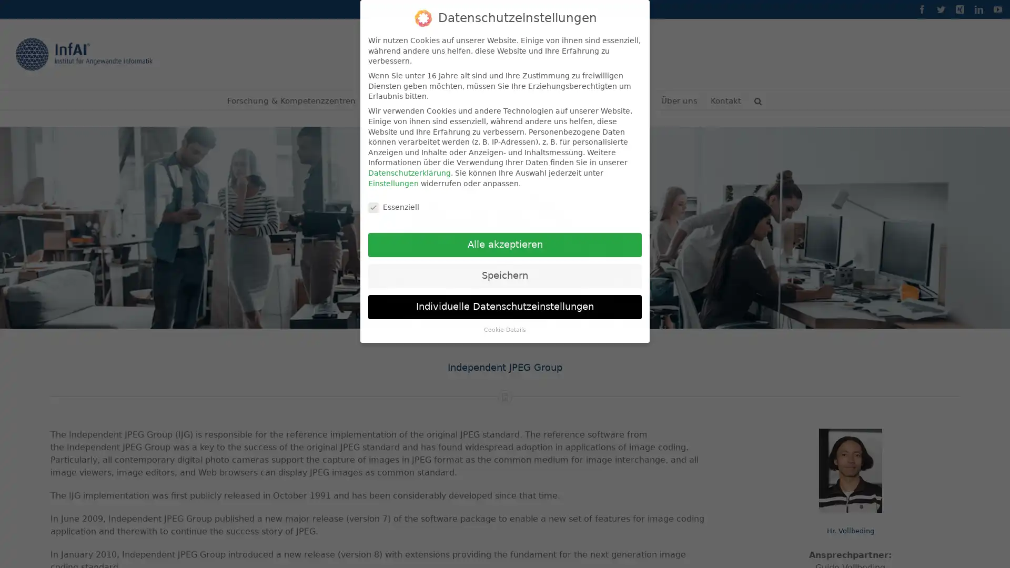  What do you see at coordinates (409, 529) in the screenshot?
I see `Alle akzeptieren` at bounding box center [409, 529].